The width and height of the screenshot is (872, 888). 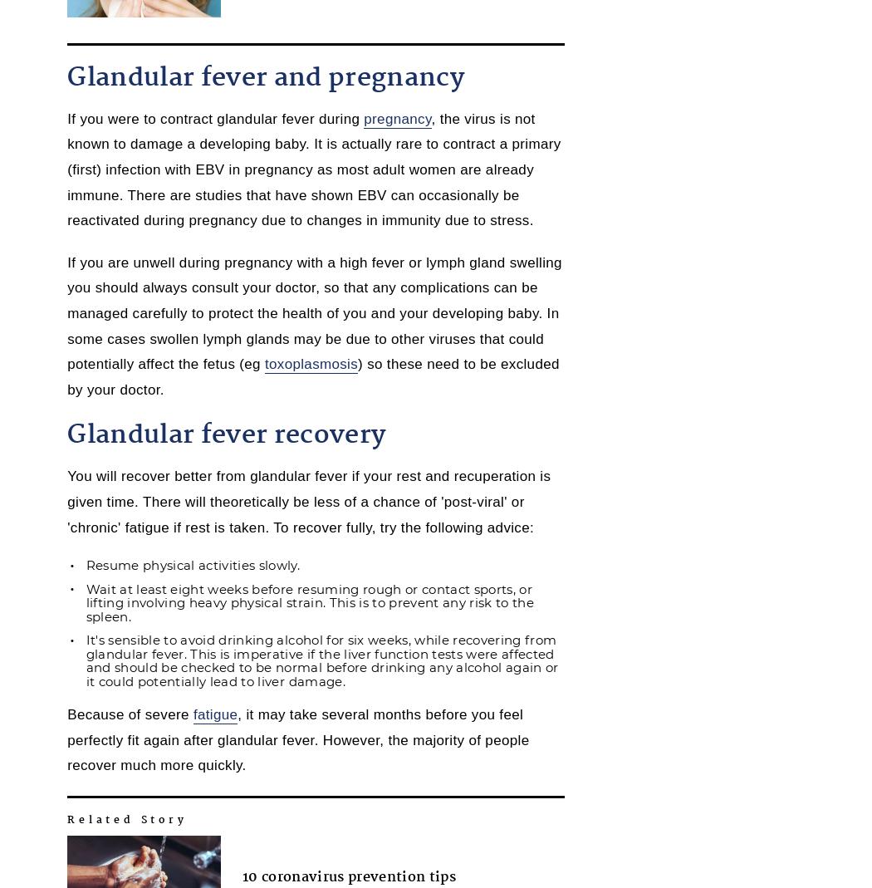 I want to click on 'If you are unwell during pregnancy with a high fever or lymph gland swelling you should always consult your doctor, so that any complications can be managed carefully to protect the health of you and your developing baby. In some cases swollen lymph glands may be due to other viruses that could potentially affect the fetus (eg', so click(x=66, y=313).